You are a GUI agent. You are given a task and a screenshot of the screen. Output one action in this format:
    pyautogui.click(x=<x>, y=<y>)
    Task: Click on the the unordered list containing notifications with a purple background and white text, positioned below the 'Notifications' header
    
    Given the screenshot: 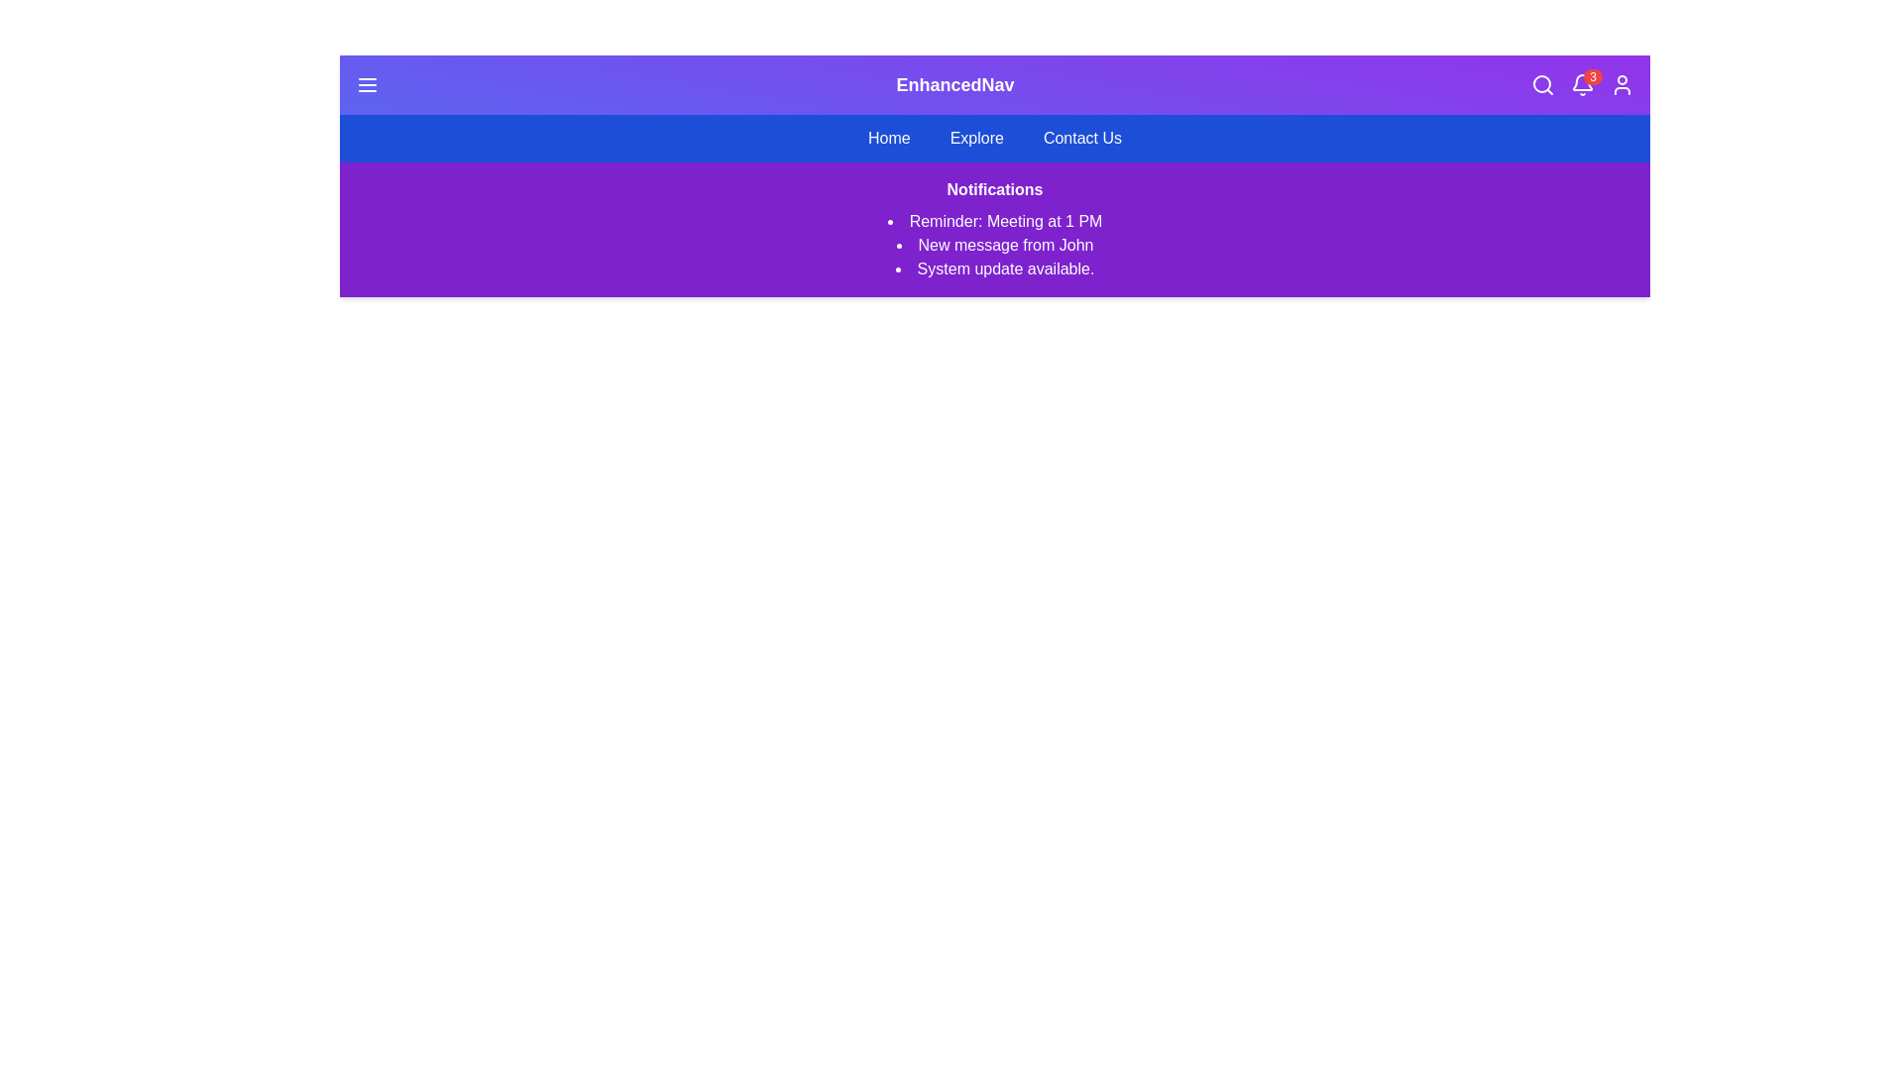 What is the action you would take?
    pyautogui.click(x=994, y=244)
    